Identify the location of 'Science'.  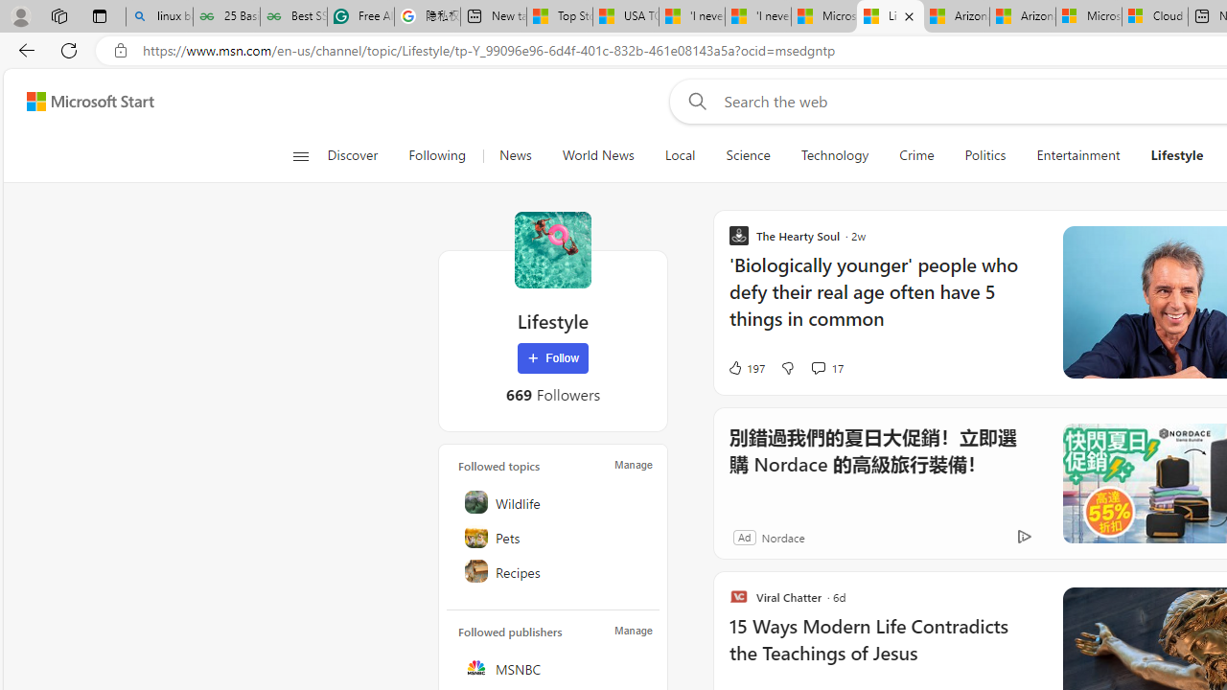
(747, 155).